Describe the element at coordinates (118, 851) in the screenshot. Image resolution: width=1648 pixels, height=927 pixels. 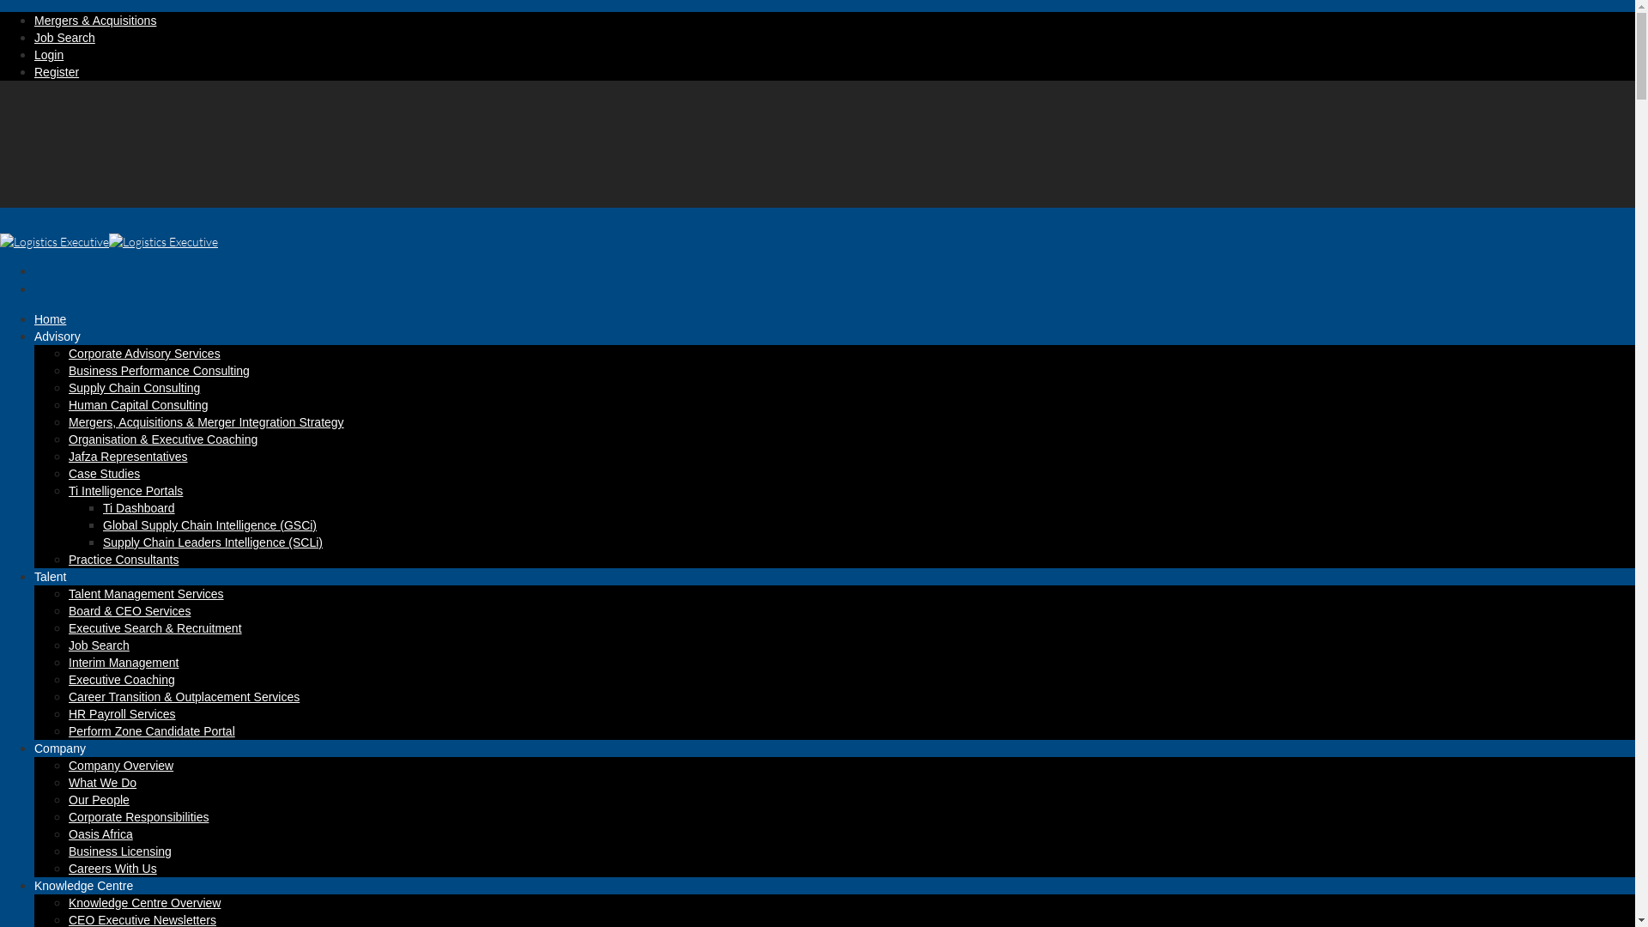
I see `'Business Licensing'` at that location.